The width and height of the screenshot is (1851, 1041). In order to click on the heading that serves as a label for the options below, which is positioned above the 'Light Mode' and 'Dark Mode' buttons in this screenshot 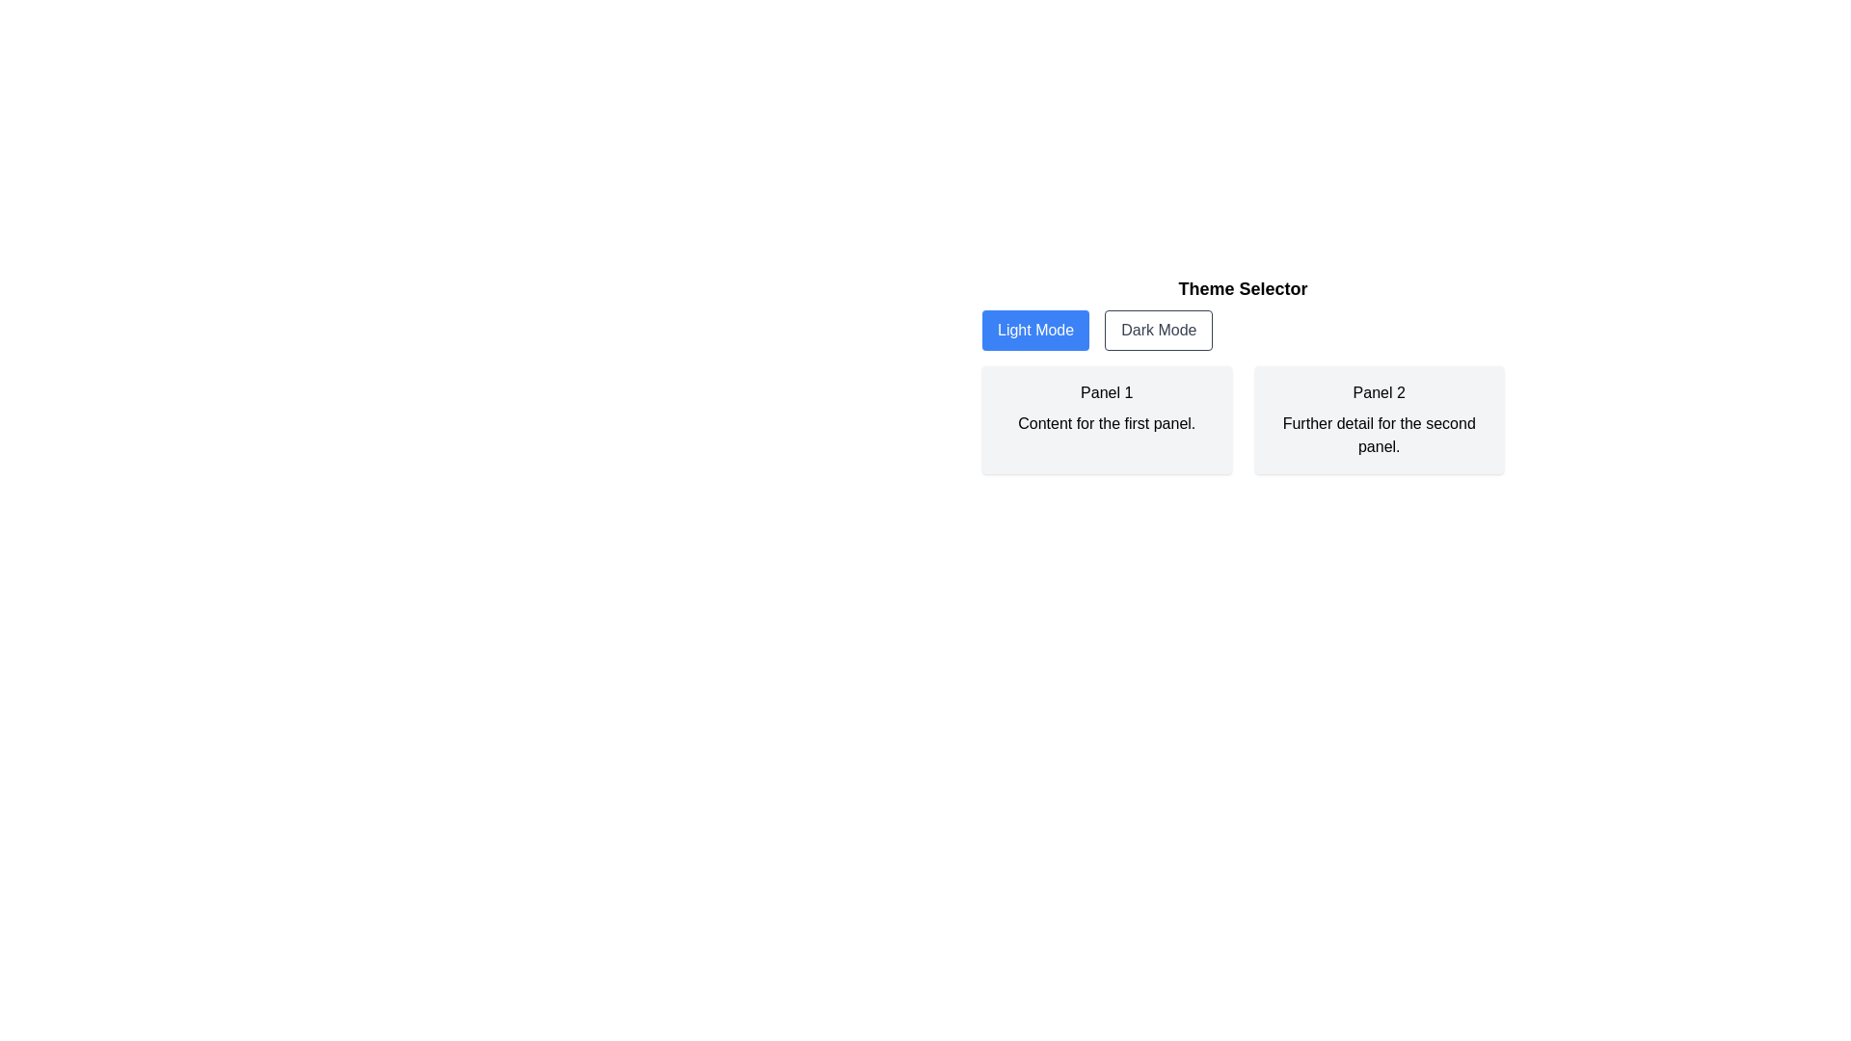, I will do `click(1243, 289)`.